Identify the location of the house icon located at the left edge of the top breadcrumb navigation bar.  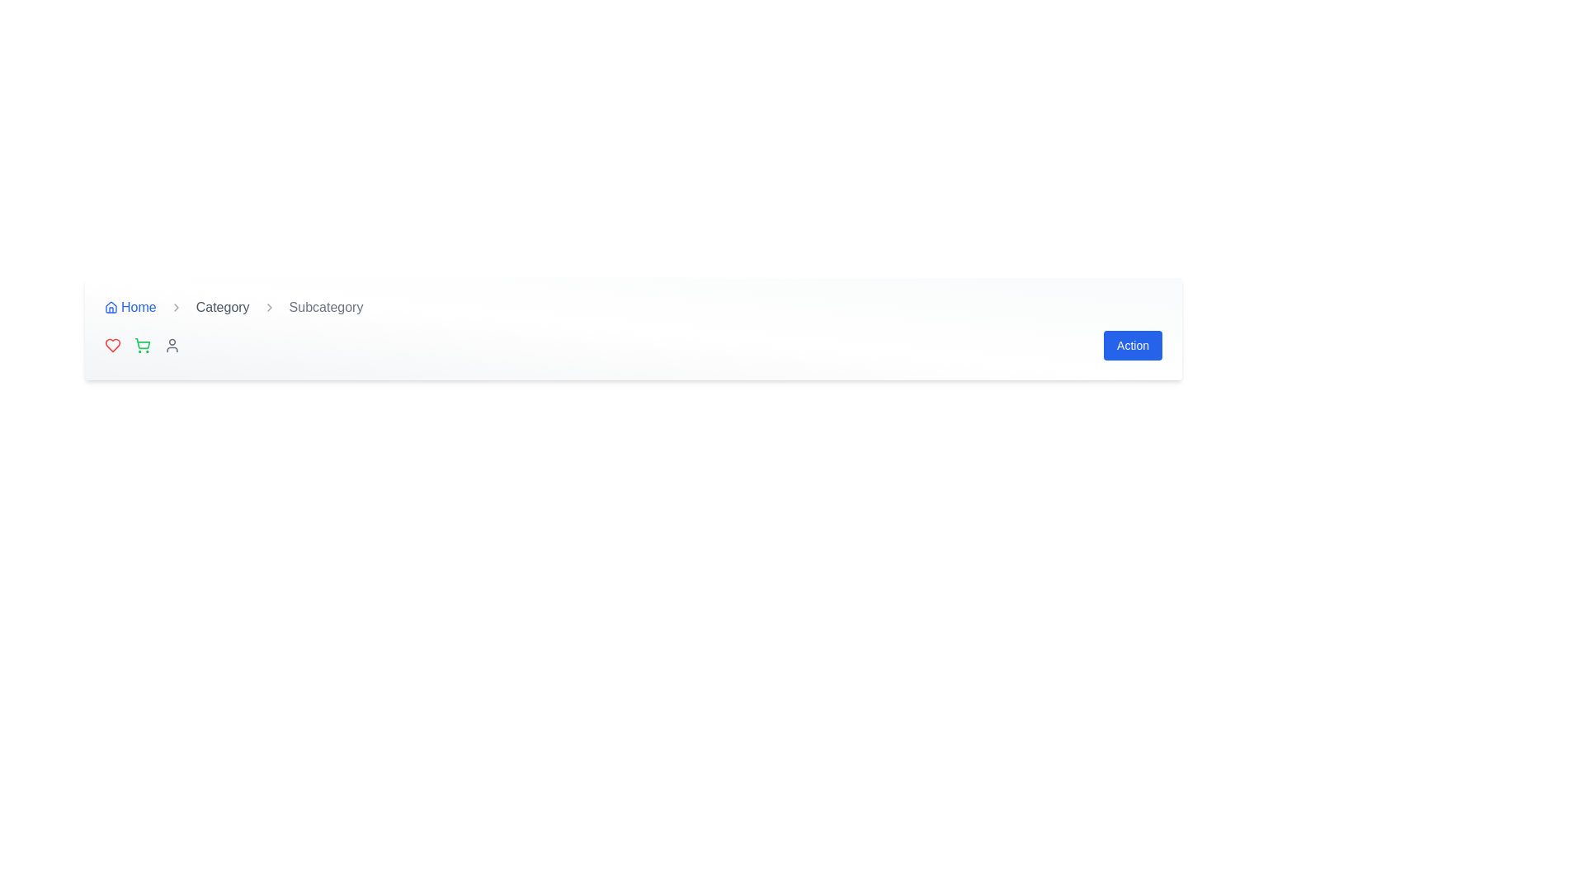
(110, 308).